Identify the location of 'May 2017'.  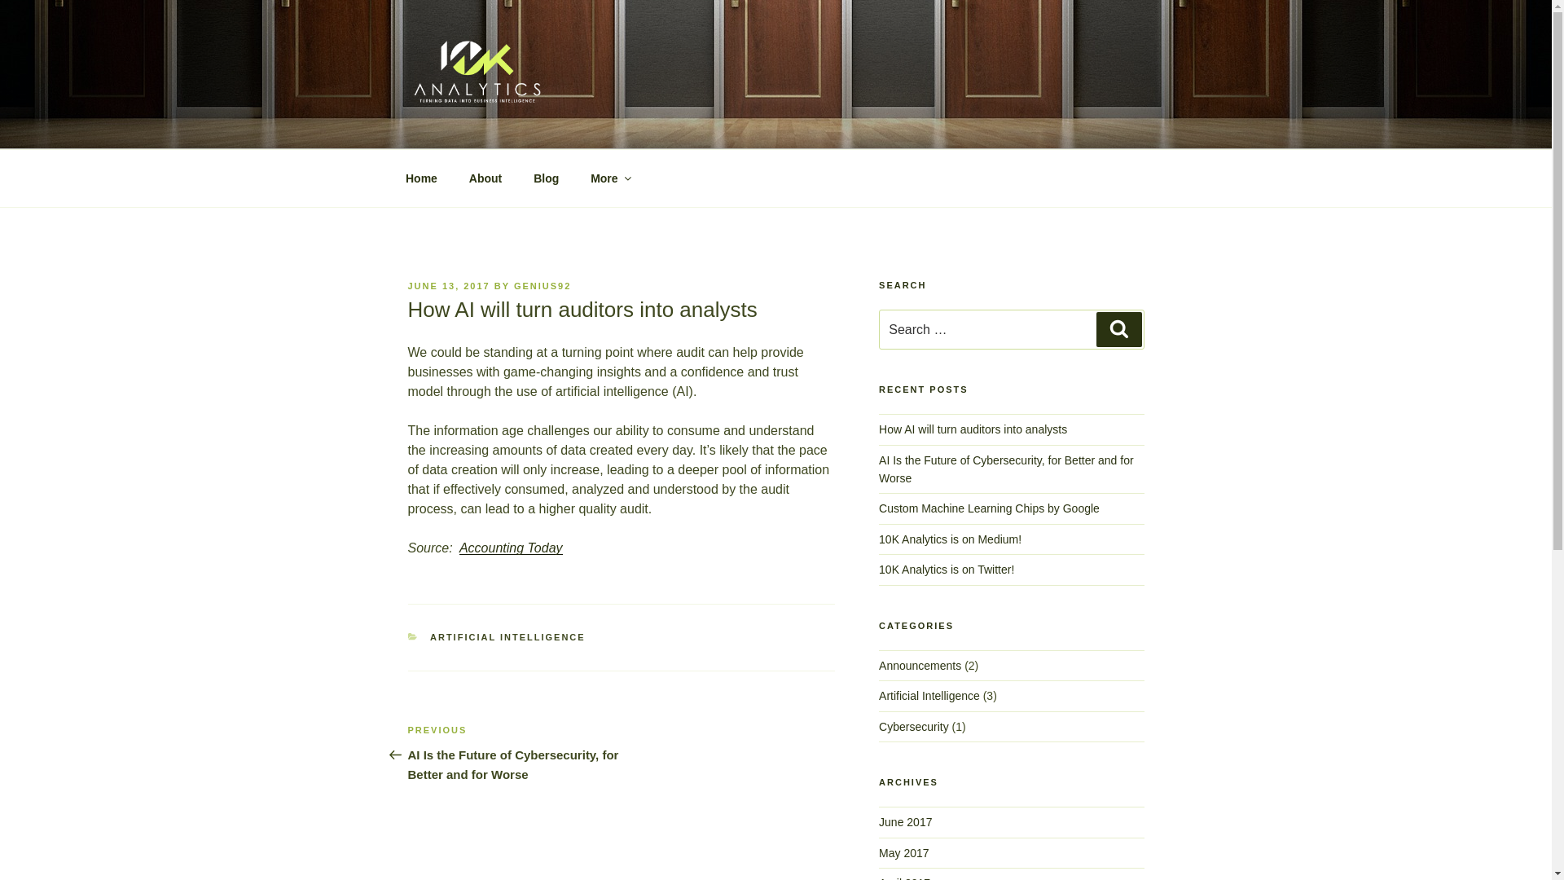
(903, 851).